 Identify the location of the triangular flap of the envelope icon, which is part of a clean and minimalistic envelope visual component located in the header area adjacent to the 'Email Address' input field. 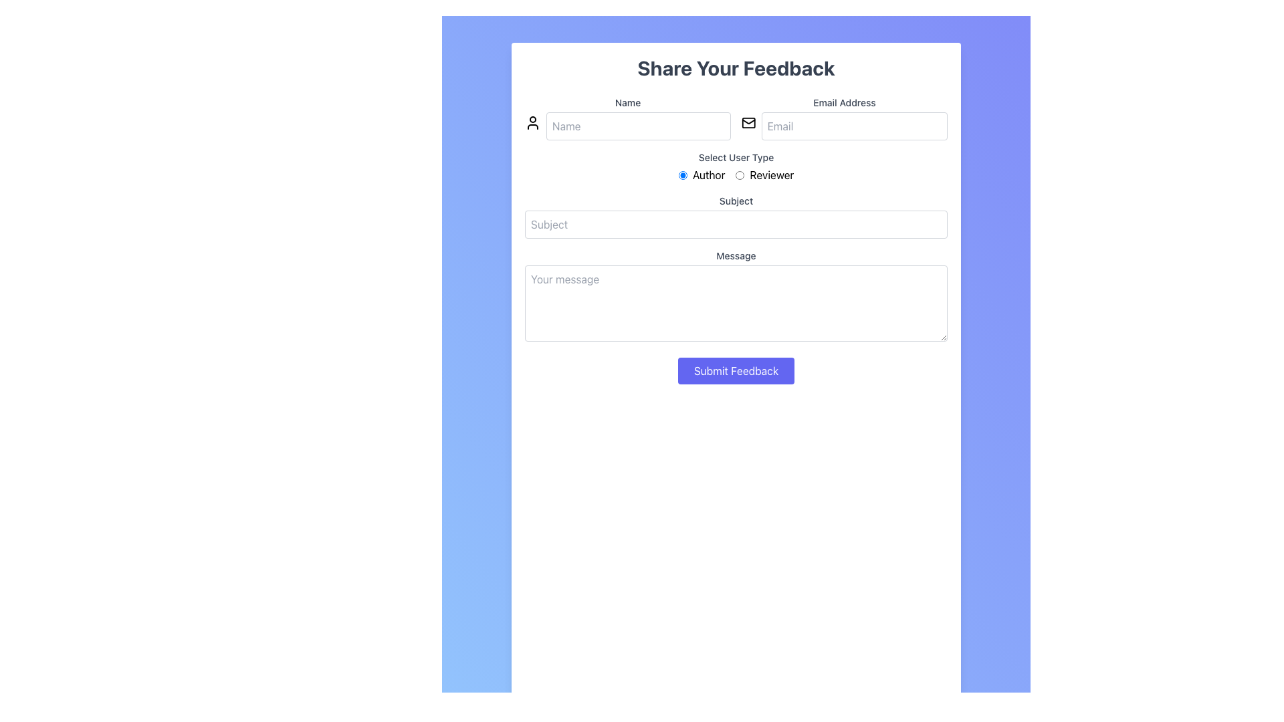
(748, 122).